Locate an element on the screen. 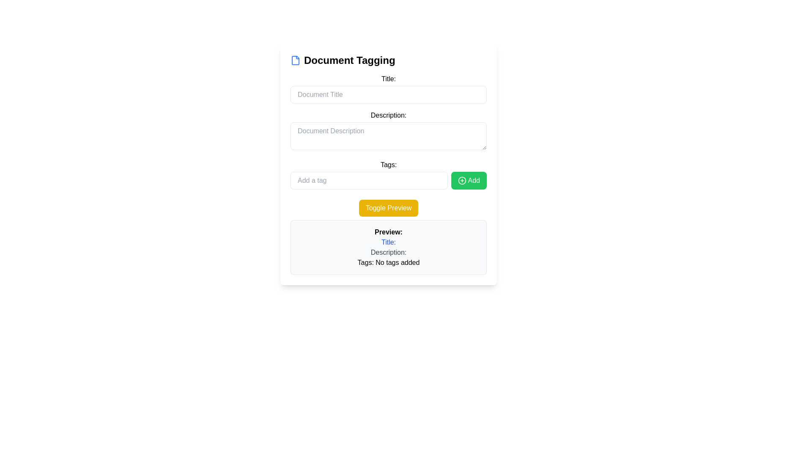  the Text label that indicates the content area for the document description, positioned below 'Title:' and above 'Tags: No tags added' in the preview interface is located at coordinates (388, 252).